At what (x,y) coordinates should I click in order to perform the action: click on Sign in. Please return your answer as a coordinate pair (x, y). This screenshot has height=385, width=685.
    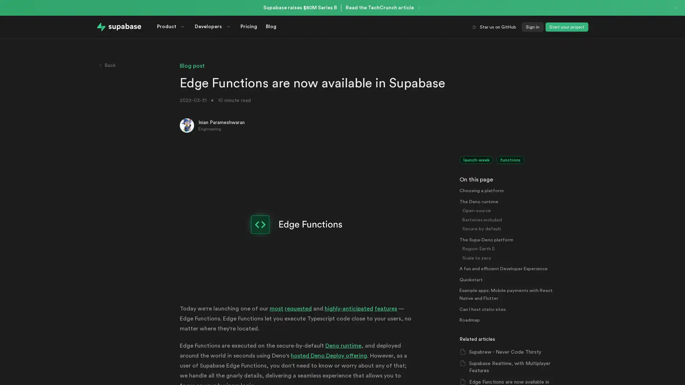
    Looking at the image, I should click on (532, 27).